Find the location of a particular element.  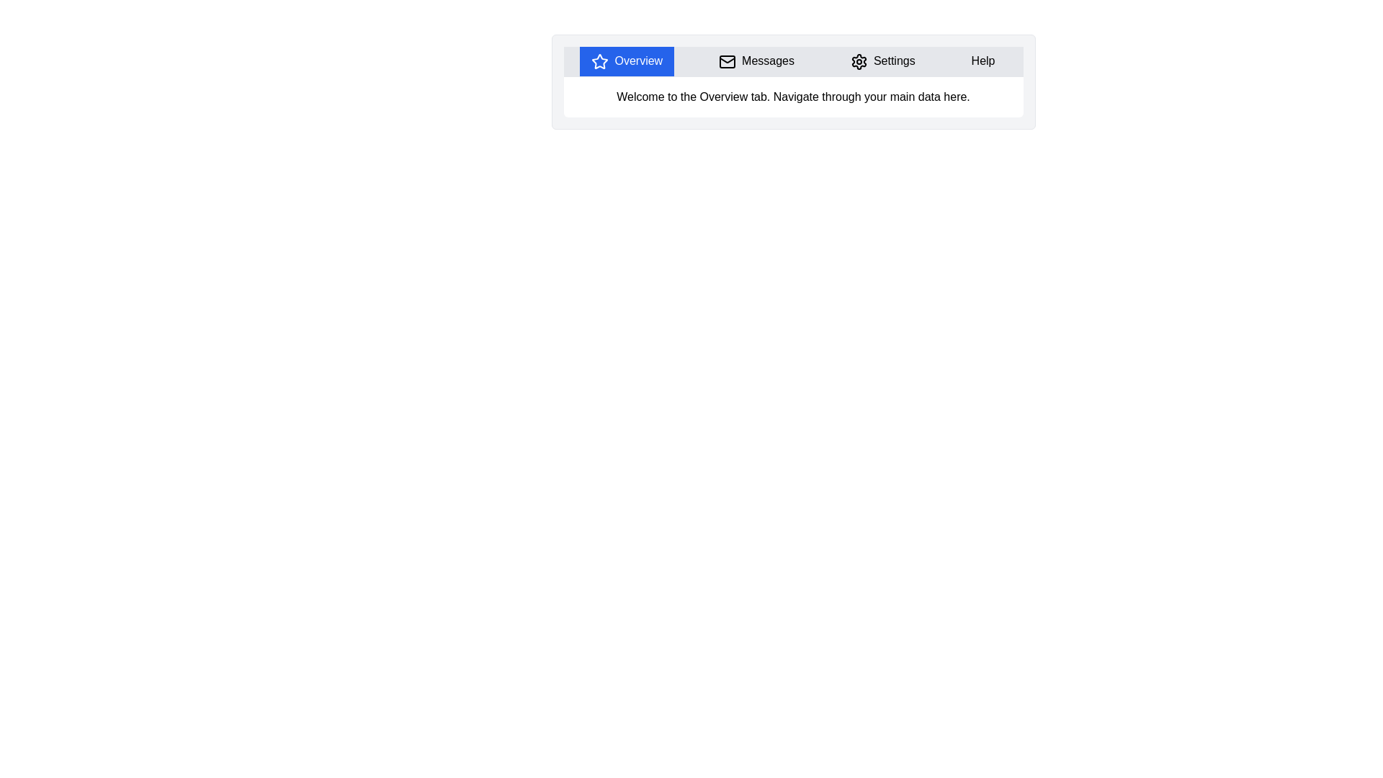

the tab labeled Help by clicking its header is located at coordinates (983, 61).